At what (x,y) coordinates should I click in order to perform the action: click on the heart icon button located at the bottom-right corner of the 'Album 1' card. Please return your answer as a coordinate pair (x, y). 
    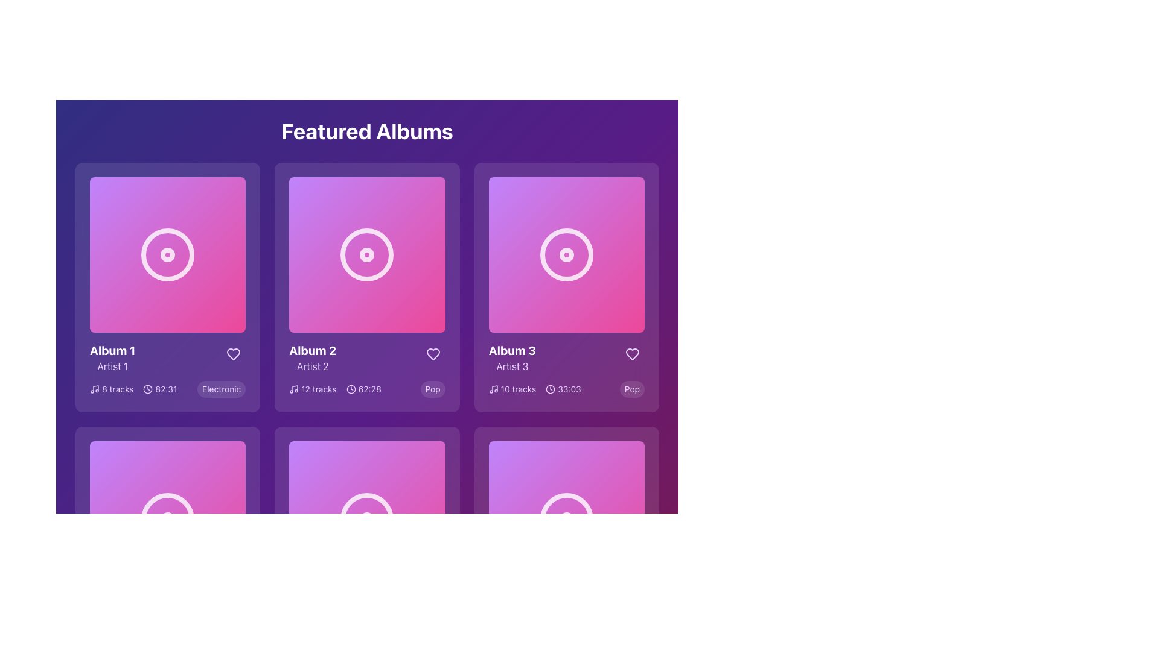
    Looking at the image, I should click on (234, 353).